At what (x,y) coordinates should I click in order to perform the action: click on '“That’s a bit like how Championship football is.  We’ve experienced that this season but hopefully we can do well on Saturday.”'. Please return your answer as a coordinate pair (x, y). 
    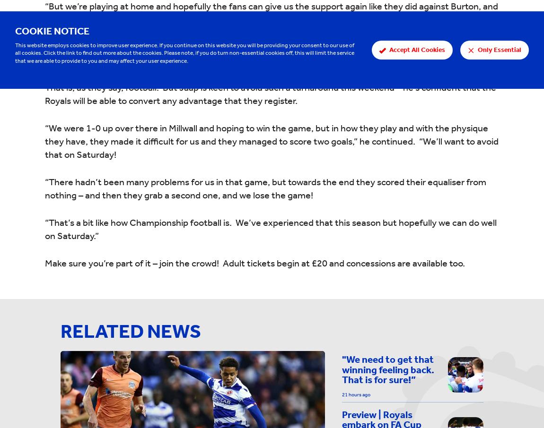
    Looking at the image, I should click on (271, 228).